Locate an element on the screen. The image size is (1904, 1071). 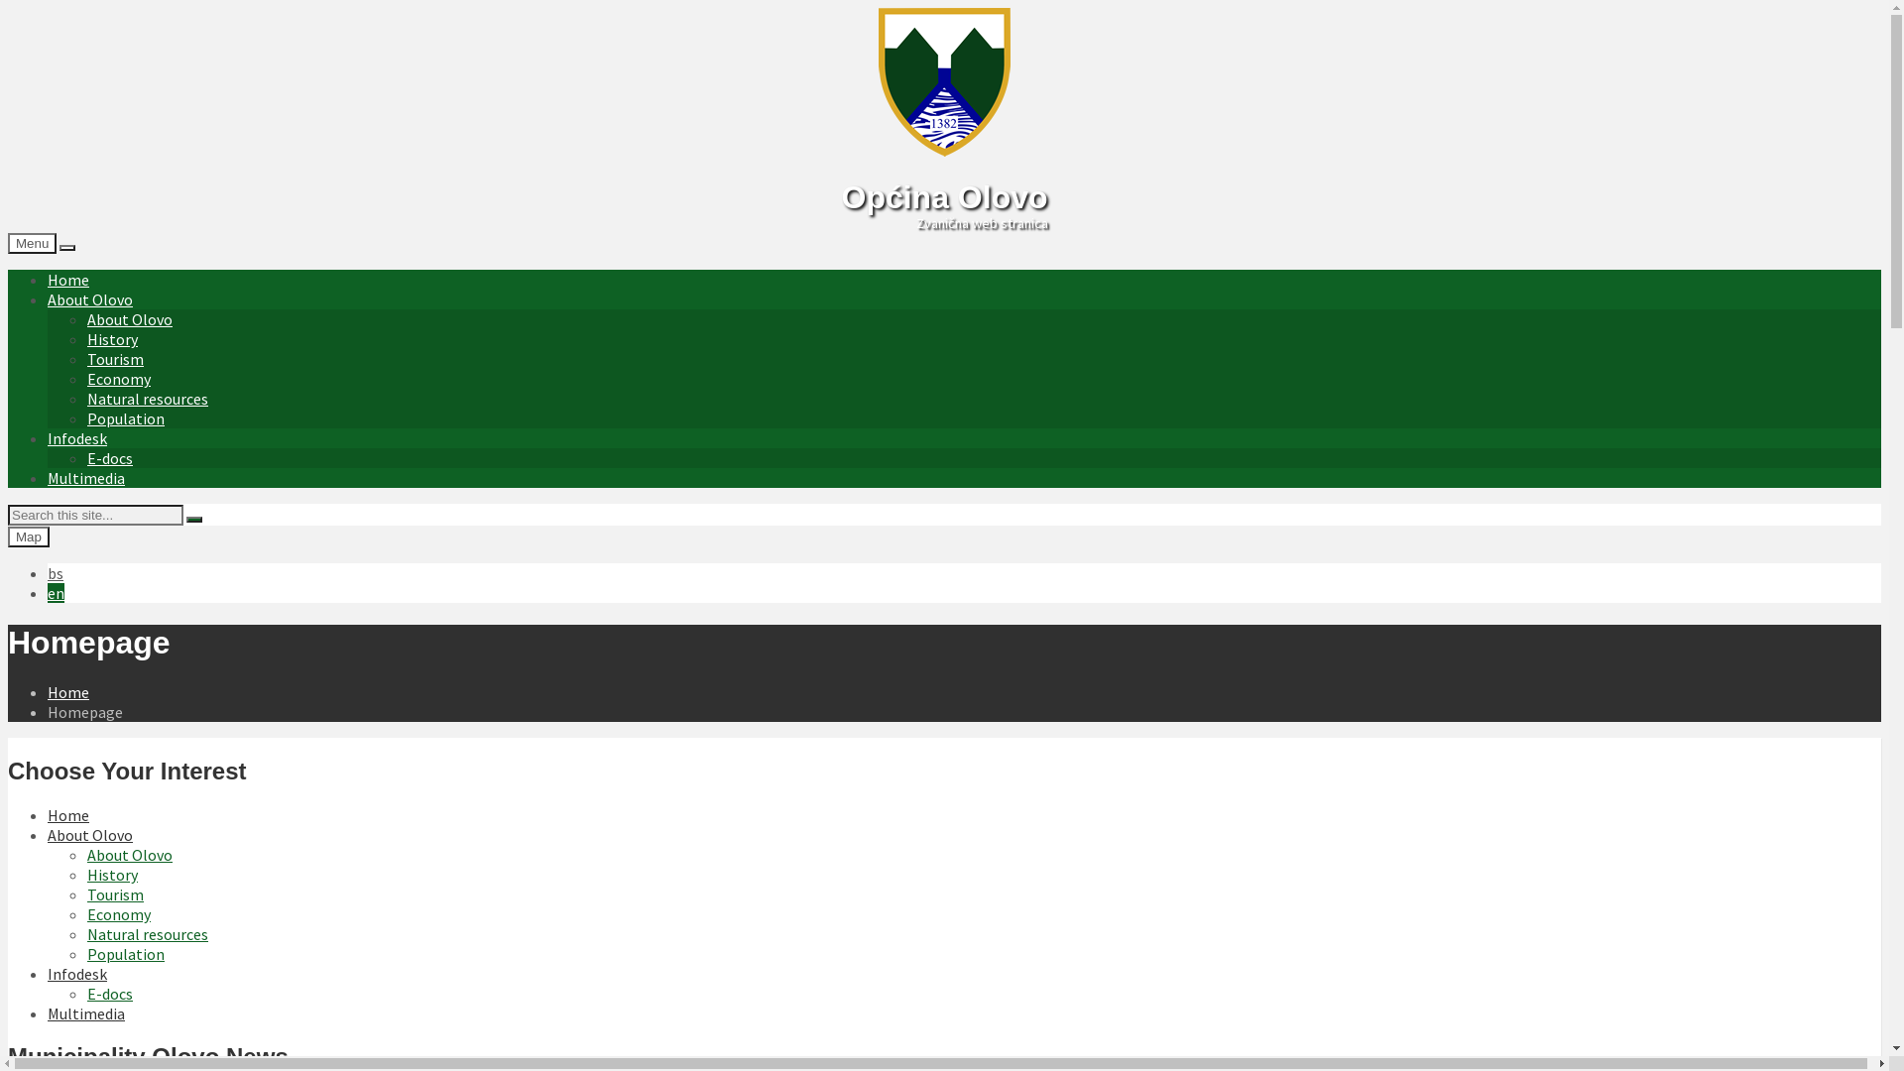
'History' is located at coordinates (111, 338).